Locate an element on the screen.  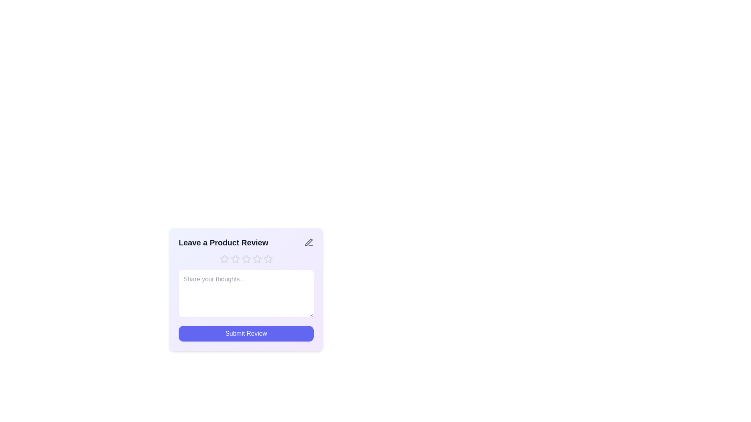
the star corresponding to the rating 3 to set the rating is located at coordinates (246, 259).